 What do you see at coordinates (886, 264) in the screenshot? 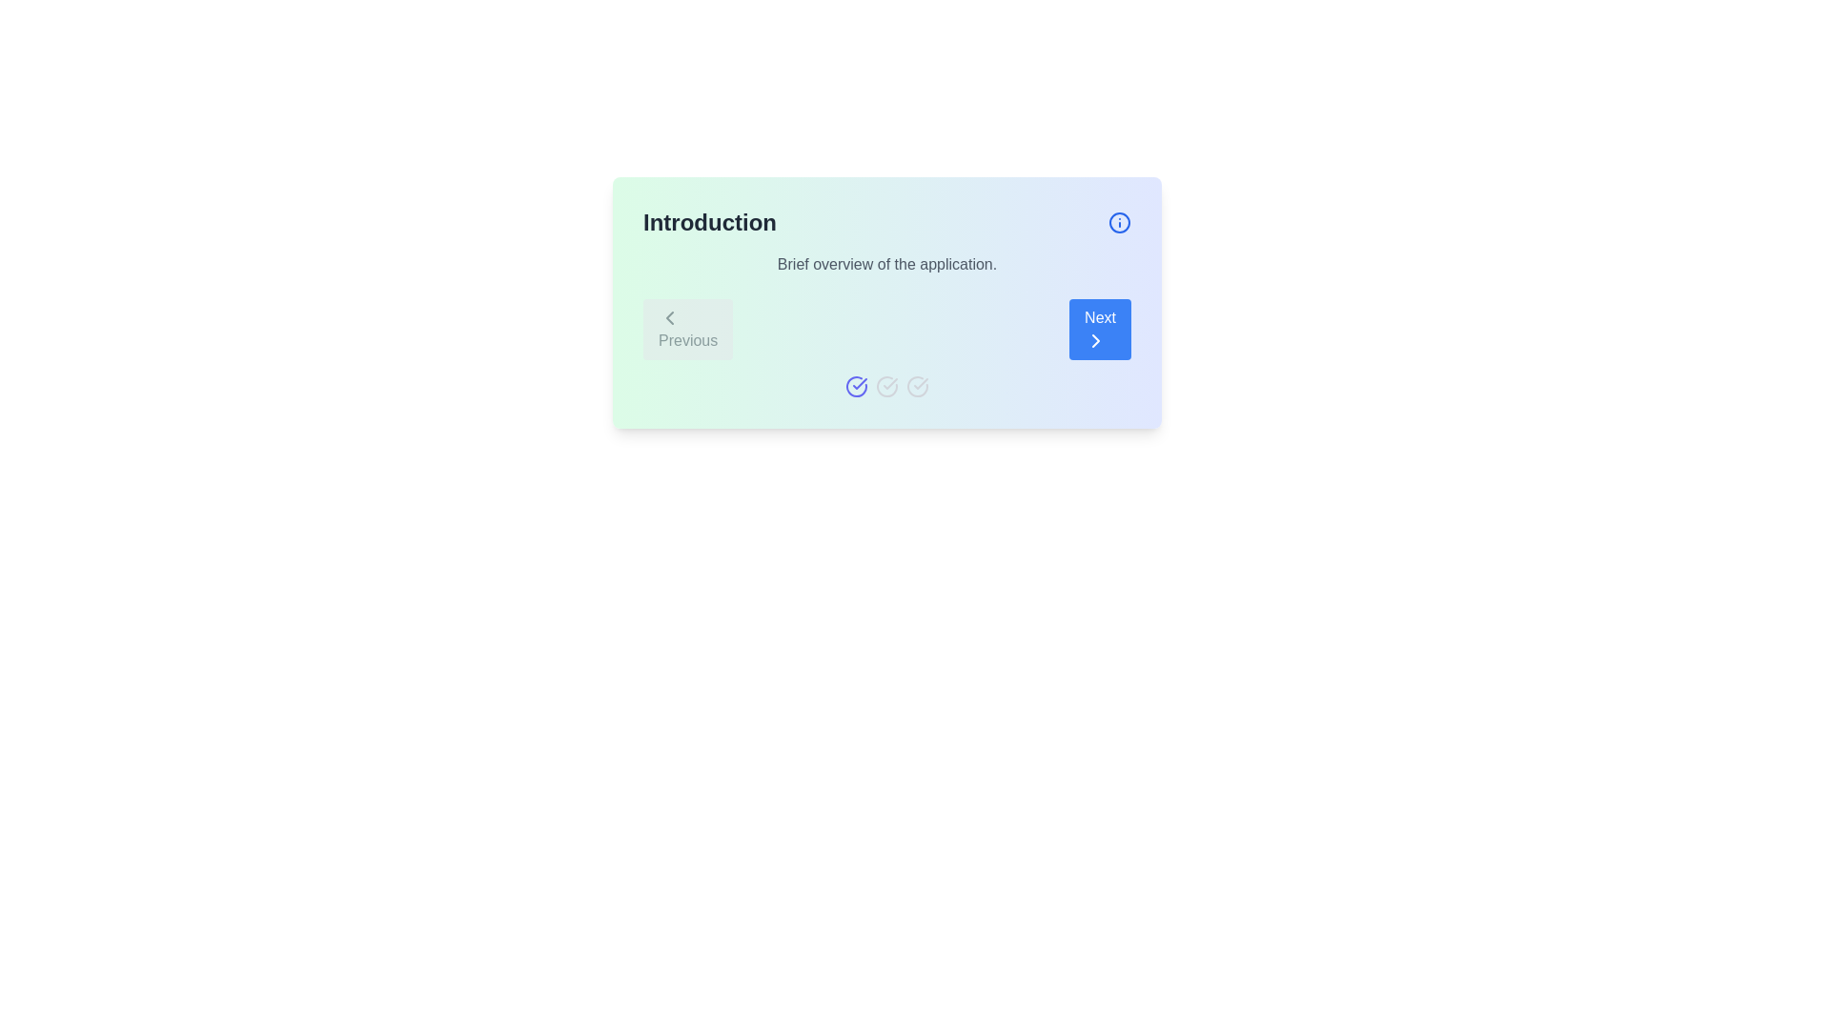
I see `informational static text located beneath the 'Introduction' heading and above the navigation buttons labeled 'Previous' and 'Next'` at bounding box center [886, 264].